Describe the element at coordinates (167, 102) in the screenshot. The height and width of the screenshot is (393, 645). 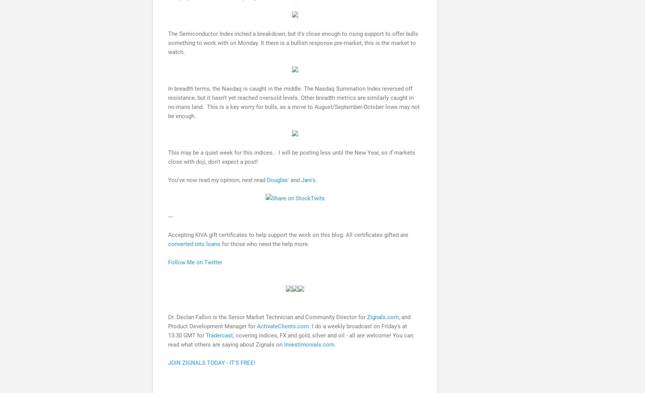
I see `'In breadth terms, the Nasdaq is caught in the middle. The Nasdaq Summation Index reversed off resistance, but it hasn't yet reached oversold levels. Other breadth metrics are similarly caught in no-mans land.  This is a key worry for bulls, as a move to August/September-October lows may not be enough.'` at that location.